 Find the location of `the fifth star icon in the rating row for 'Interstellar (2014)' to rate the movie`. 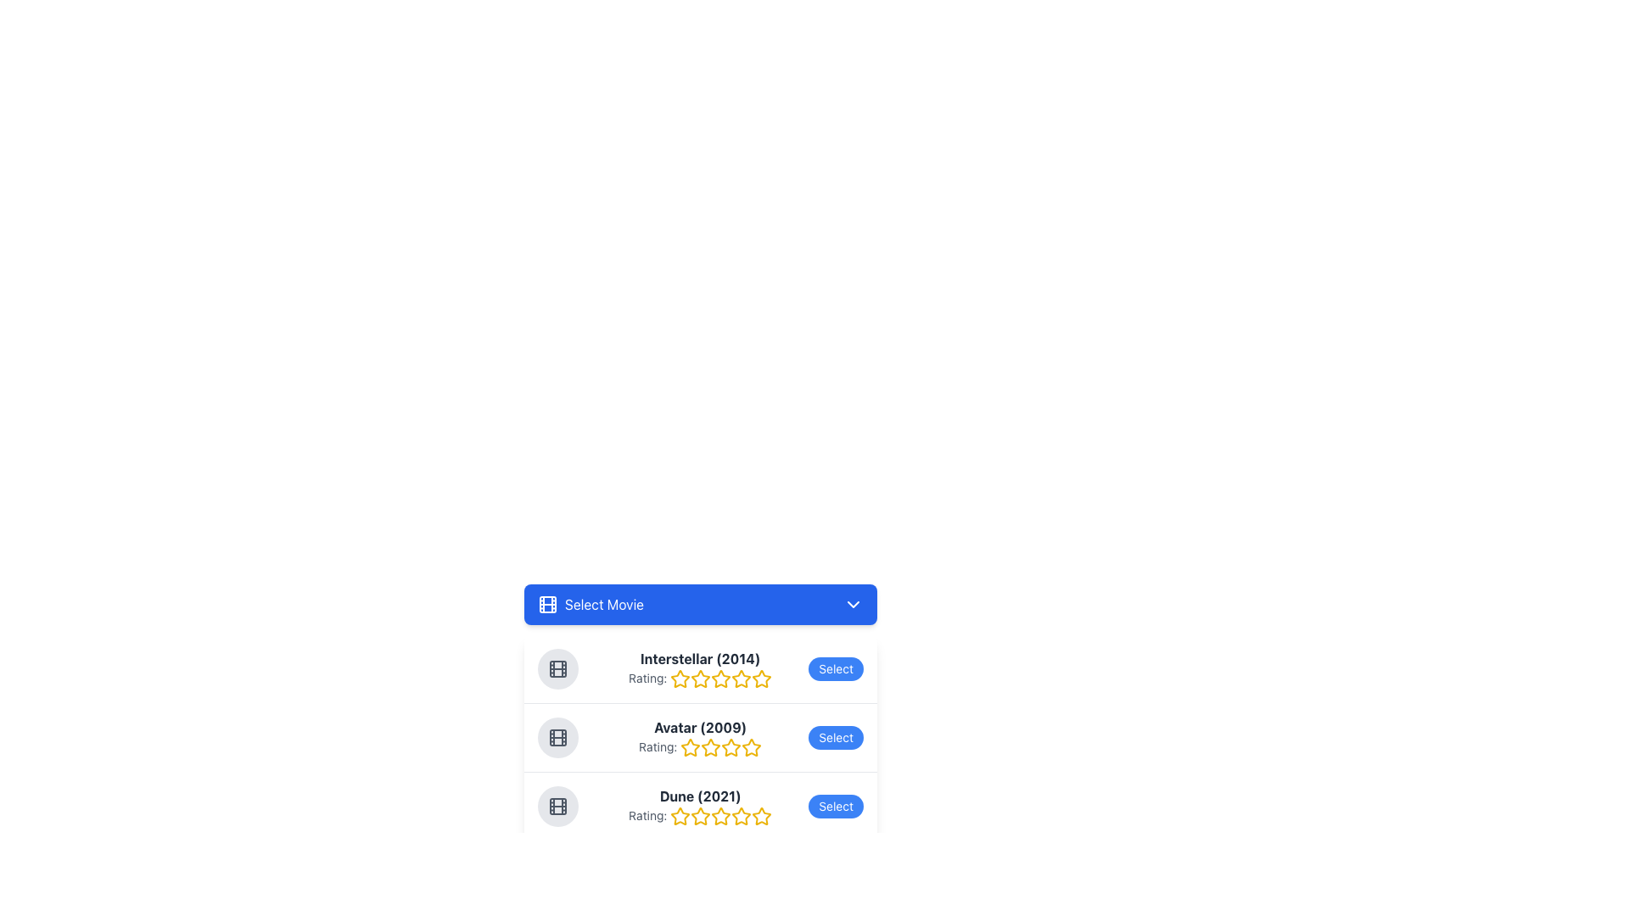

the fifth star icon in the rating row for 'Interstellar (2014)' to rate the movie is located at coordinates (721, 679).